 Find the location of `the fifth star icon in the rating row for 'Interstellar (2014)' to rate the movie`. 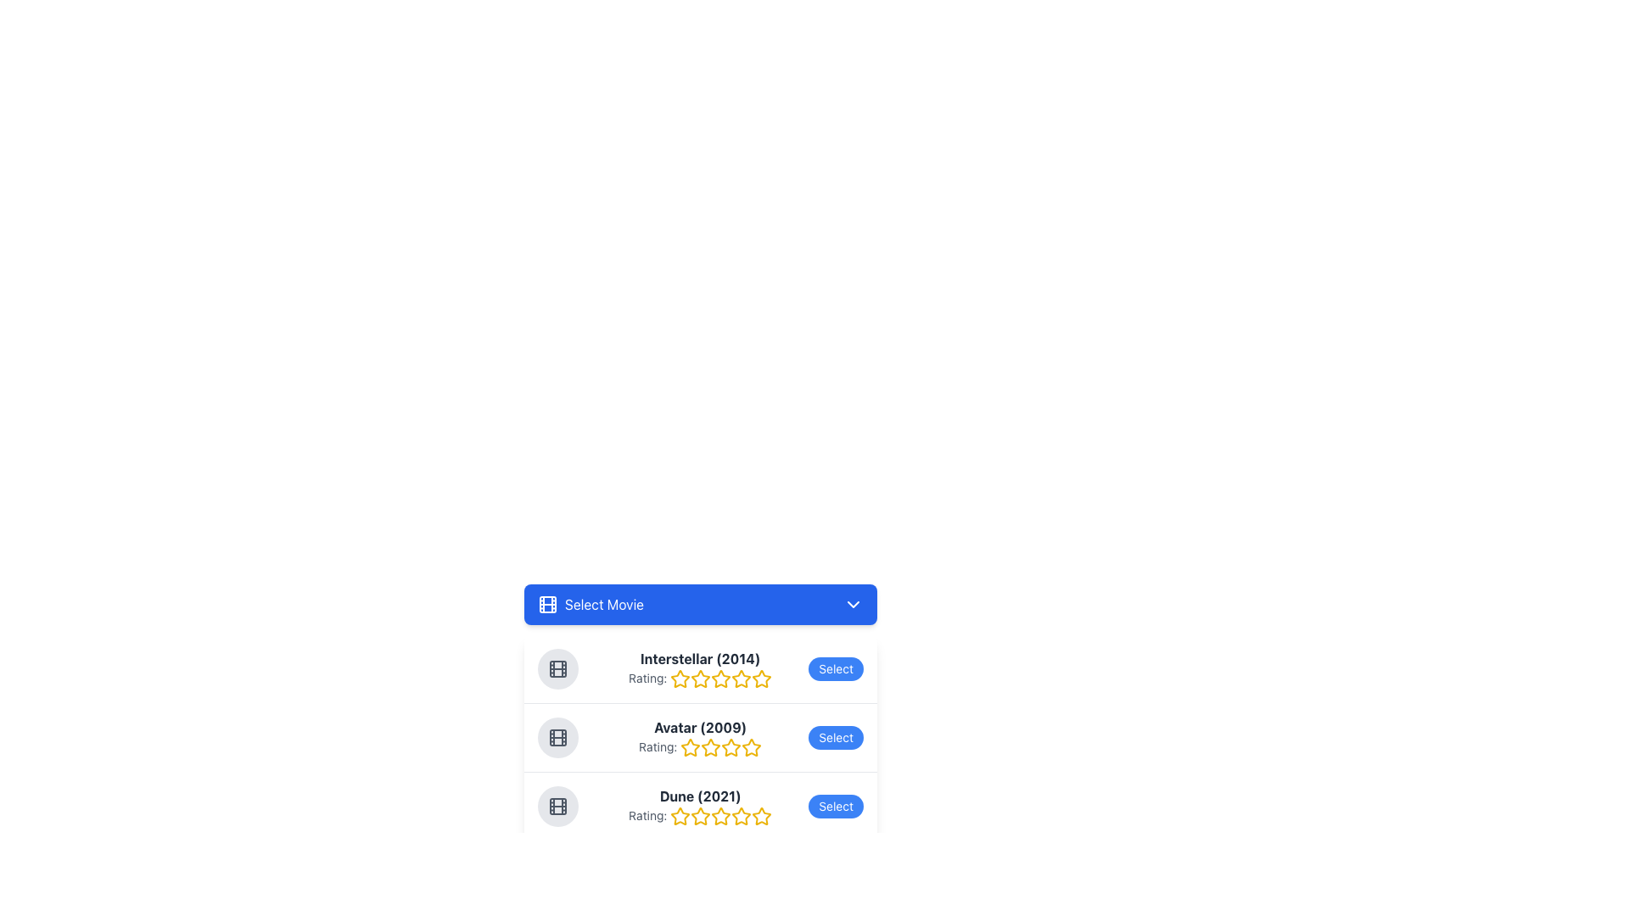

the fifth star icon in the rating row for 'Interstellar (2014)' to rate the movie is located at coordinates (721, 679).